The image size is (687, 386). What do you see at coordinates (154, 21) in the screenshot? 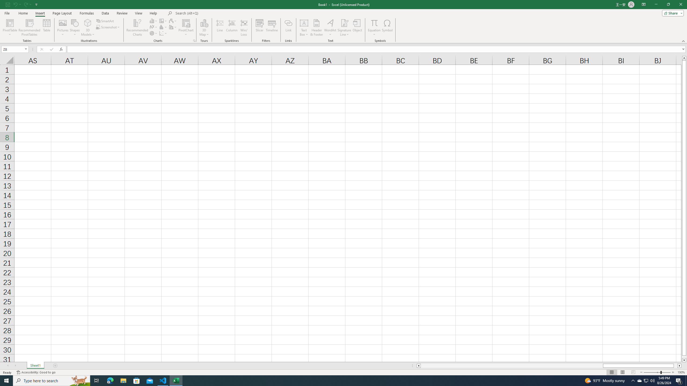
I see `'Insert Column or Bar Chart'` at bounding box center [154, 21].